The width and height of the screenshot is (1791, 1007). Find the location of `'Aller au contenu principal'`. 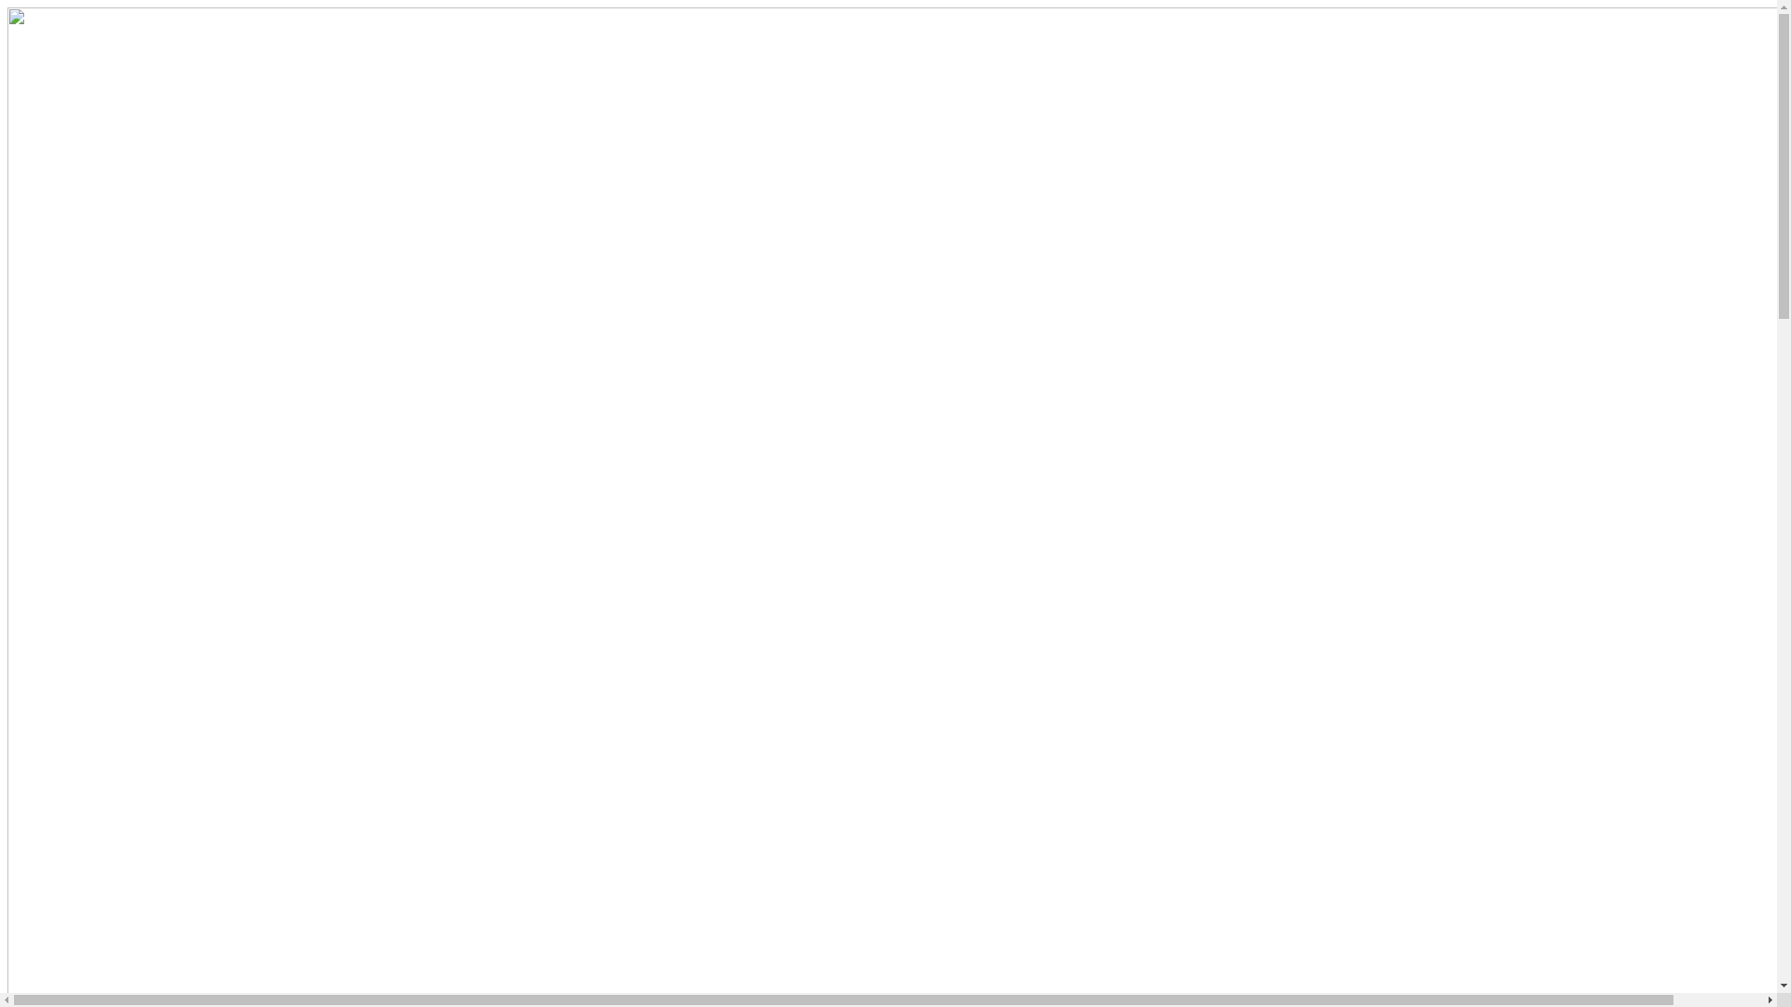

'Aller au contenu principal' is located at coordinates (7, 7).